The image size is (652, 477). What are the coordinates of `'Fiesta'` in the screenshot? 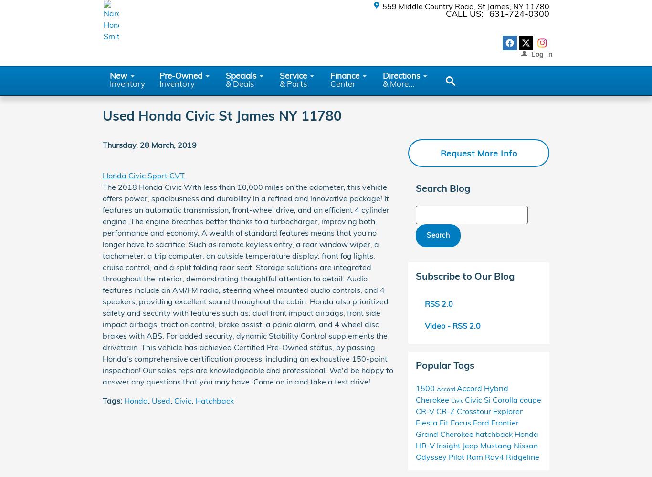 It's located at (427, 422).